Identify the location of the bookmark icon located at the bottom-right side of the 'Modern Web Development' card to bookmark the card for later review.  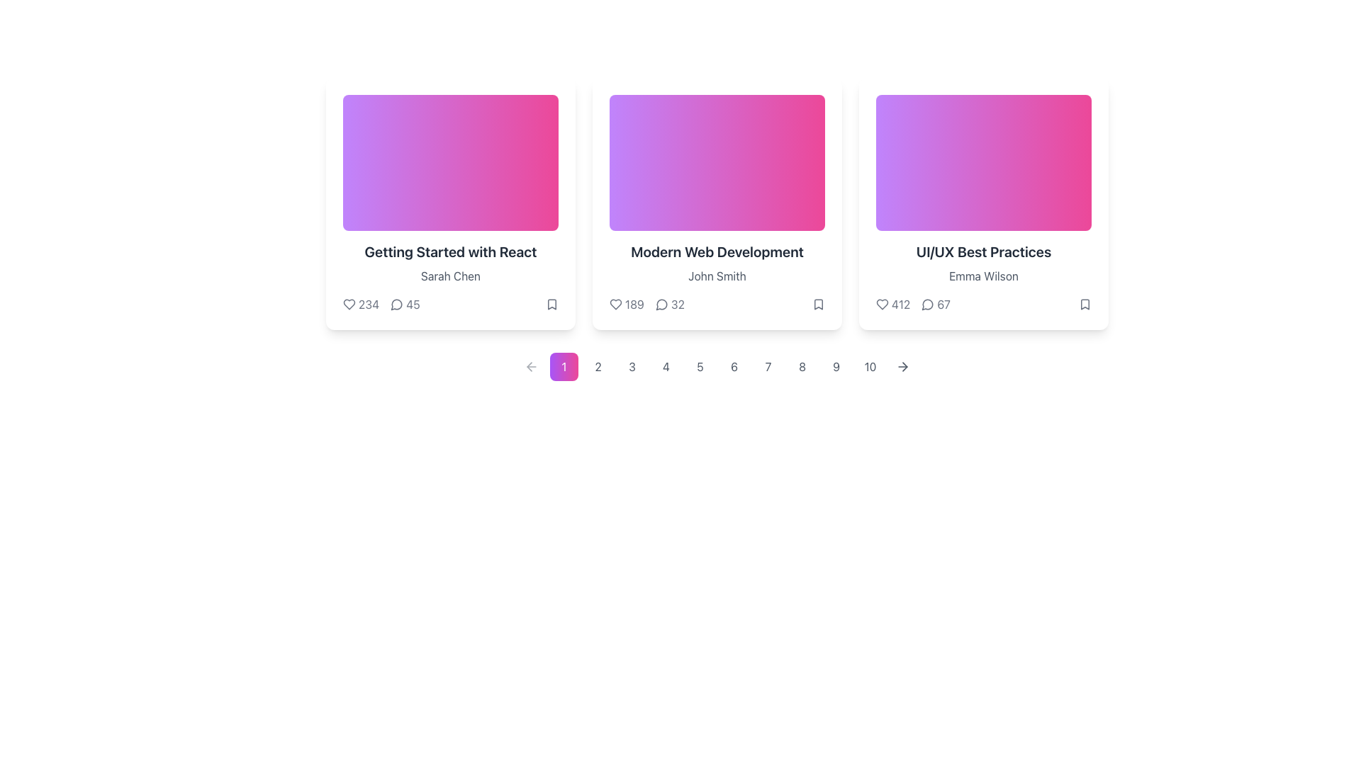
(819, 303).